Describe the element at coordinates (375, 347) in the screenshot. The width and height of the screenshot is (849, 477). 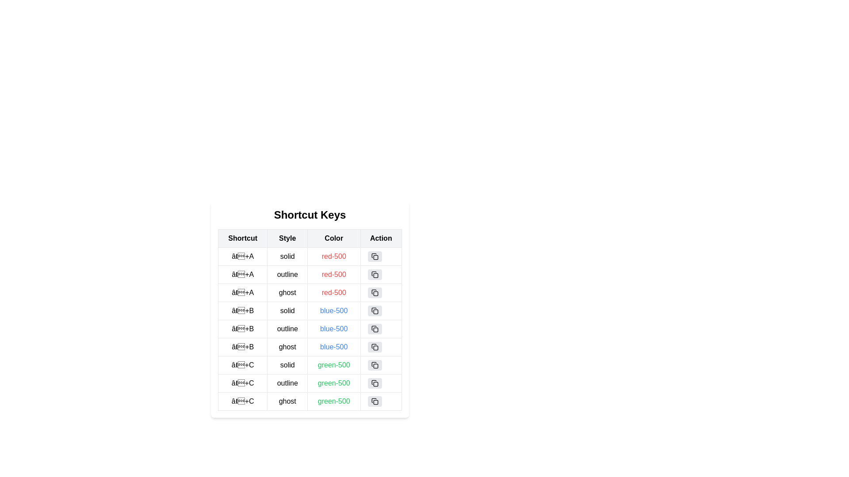
I see `the copy button located in the bottom-right corner of the 'ghost' button in the 'blue-500' row under the 'Action' column` at that location.